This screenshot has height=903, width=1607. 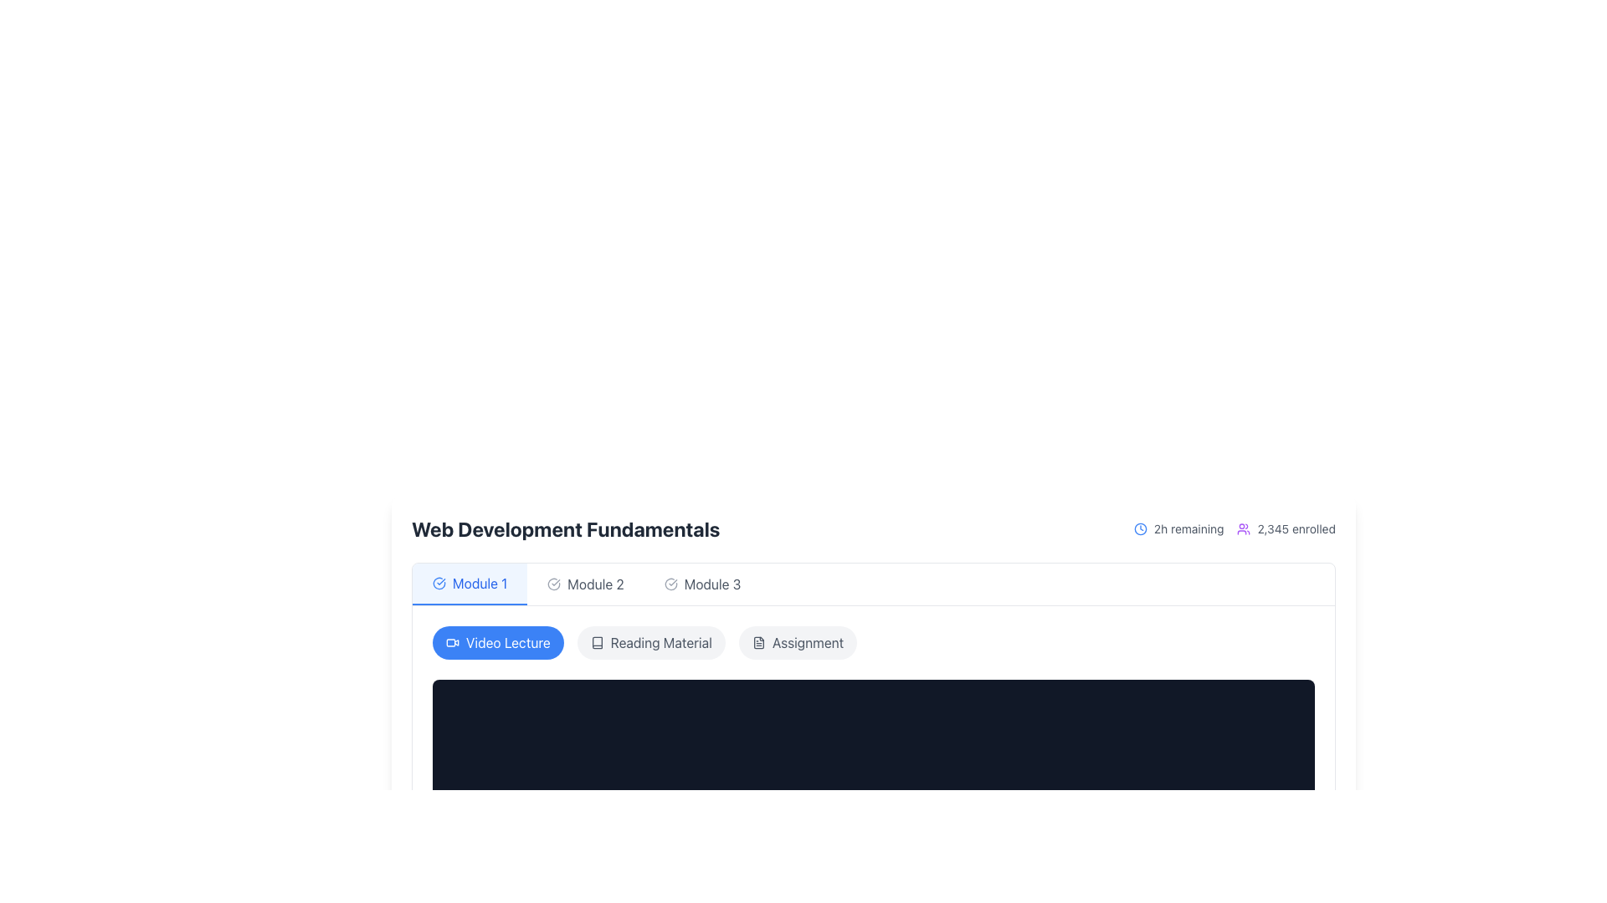 What do you see at coordinates (586, 583) in the screenshot?
I see `the navigational button for 'Module 2' located between 'Module 1' and 'Module 3'` at bounding box center [586, 583].